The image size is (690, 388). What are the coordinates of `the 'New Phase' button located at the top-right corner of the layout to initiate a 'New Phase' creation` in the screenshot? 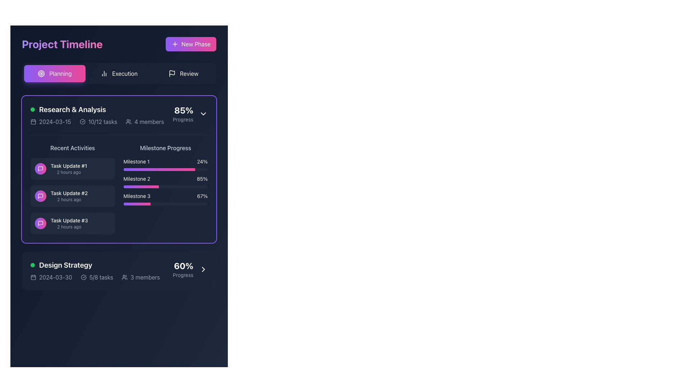 It's located at (191, 44).